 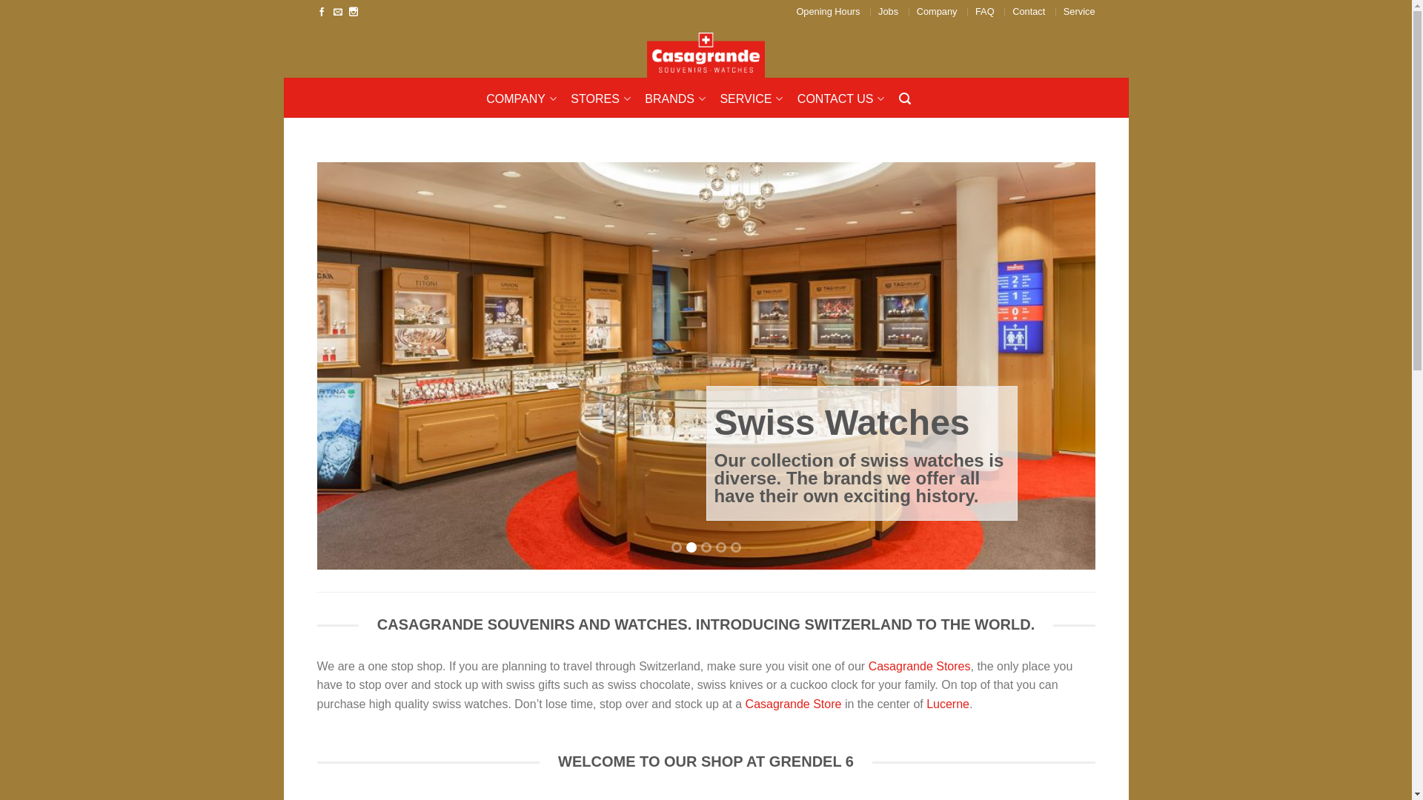 What do you see at coordinates (985, 11) in the screenshot?
I see `'FAQ'` at bounding box center [985, 11].